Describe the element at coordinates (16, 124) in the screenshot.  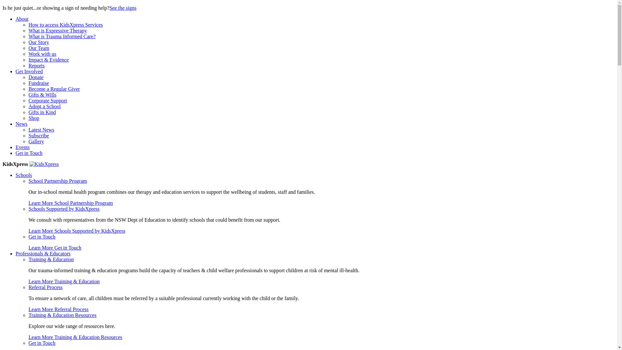
I see `'News'` at that location.